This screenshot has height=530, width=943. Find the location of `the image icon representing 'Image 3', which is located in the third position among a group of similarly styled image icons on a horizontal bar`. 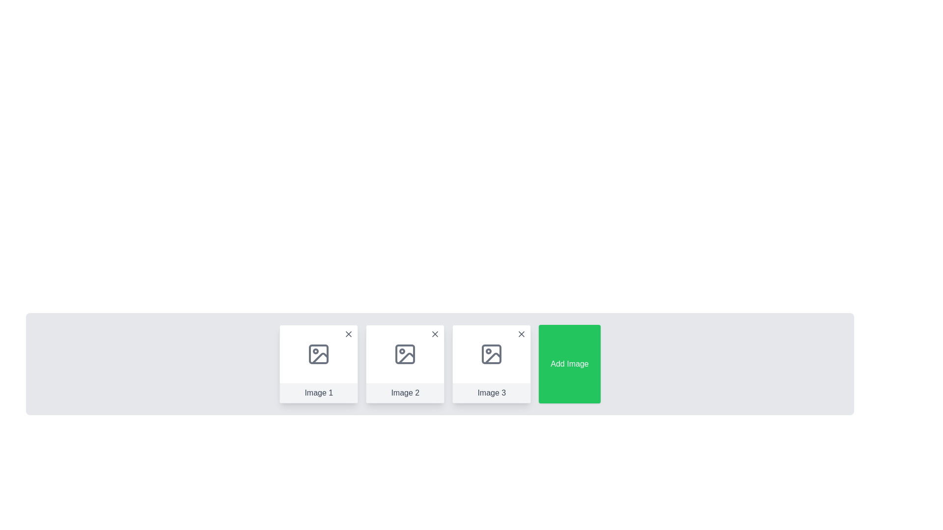

the image icon representing 'Image 3', which is located in the third position among a group of similarly styled image icons on a horizontal bar is located at coordinates (492, 354).